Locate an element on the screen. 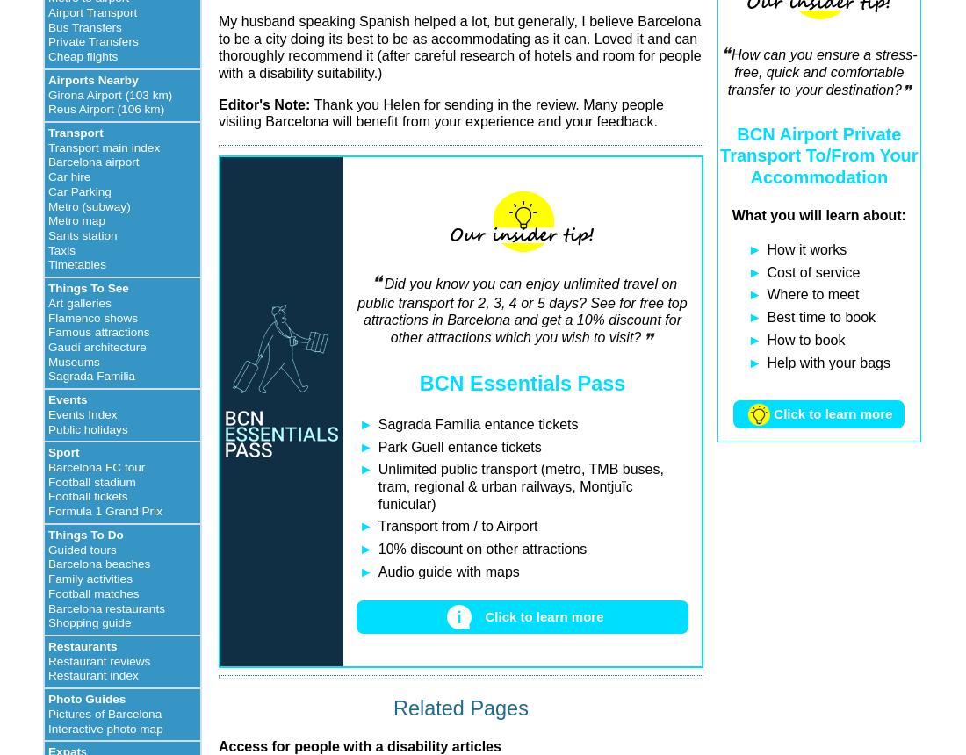 This screenshot has width=966, height=755. 'BCN Essentials Pass' is located at coordinates (417, 383).